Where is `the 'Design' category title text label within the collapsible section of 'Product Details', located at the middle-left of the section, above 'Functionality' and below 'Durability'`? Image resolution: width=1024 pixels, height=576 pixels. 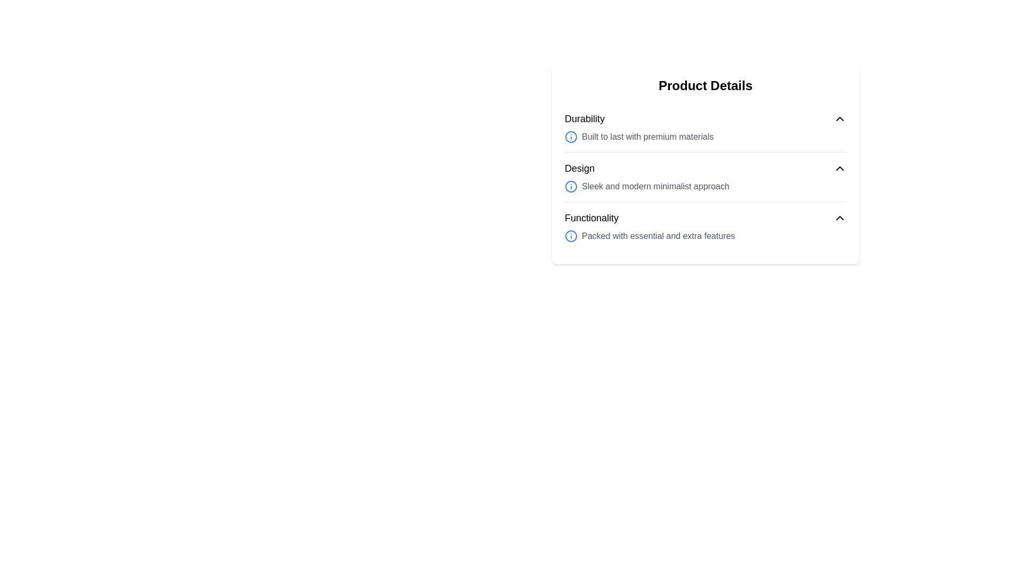
the 'Design' category title text label within the collapsible section of 'Product Details', located at the middle-left of the section, above 'Functionality' and below 'Durability' is located at coordinates (579, 168).